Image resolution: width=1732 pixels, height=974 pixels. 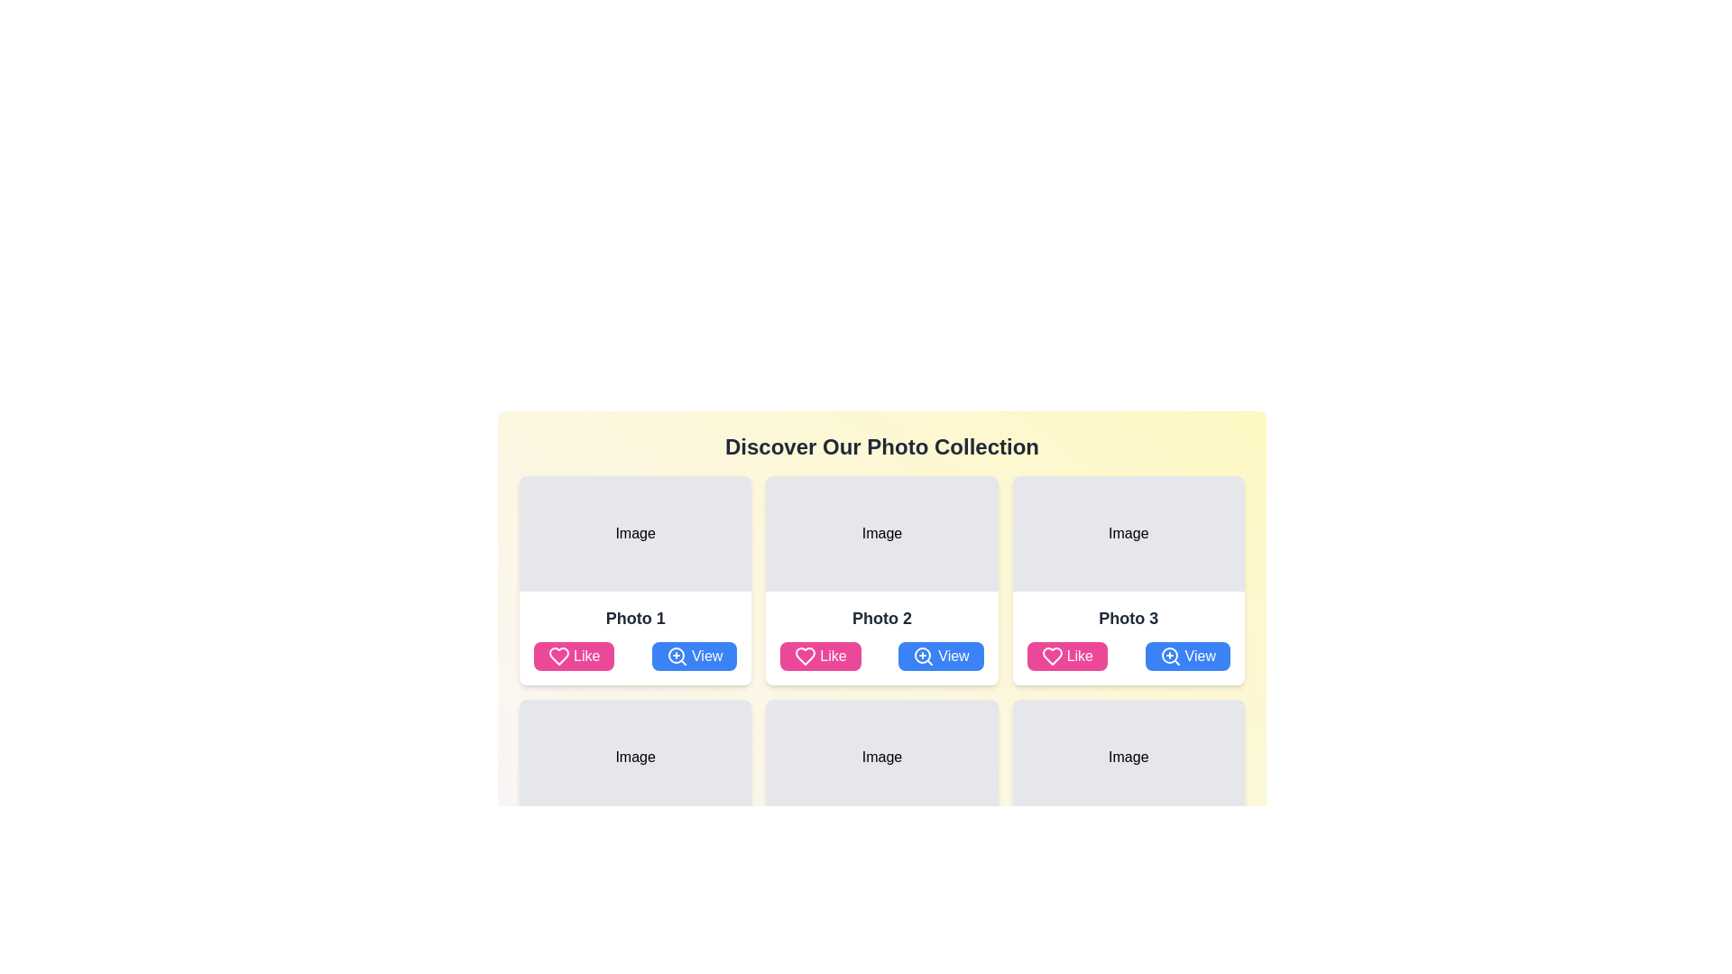 I want to click on the 'like' icon associated with 'Photo 2', so click(x=805, y=657).